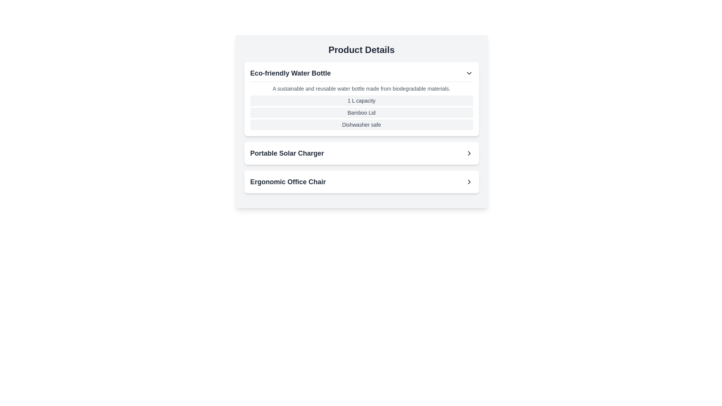  Describe the element at coordinates (361, 88) in the screenshot. I see `the text label that provides a description of the eco-friendly water bottle, positioned above the sub-details` at that location.